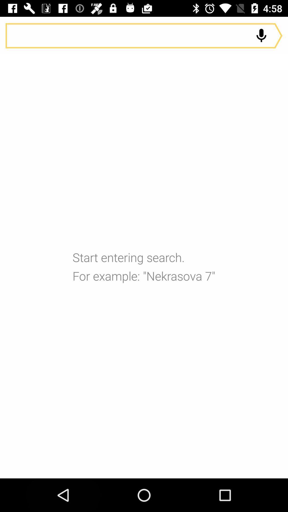 The height and width of the screenshot is (512, 288). Describe the element at coordinates (144, 35) in the screenshot. I see `audio search` at that location.